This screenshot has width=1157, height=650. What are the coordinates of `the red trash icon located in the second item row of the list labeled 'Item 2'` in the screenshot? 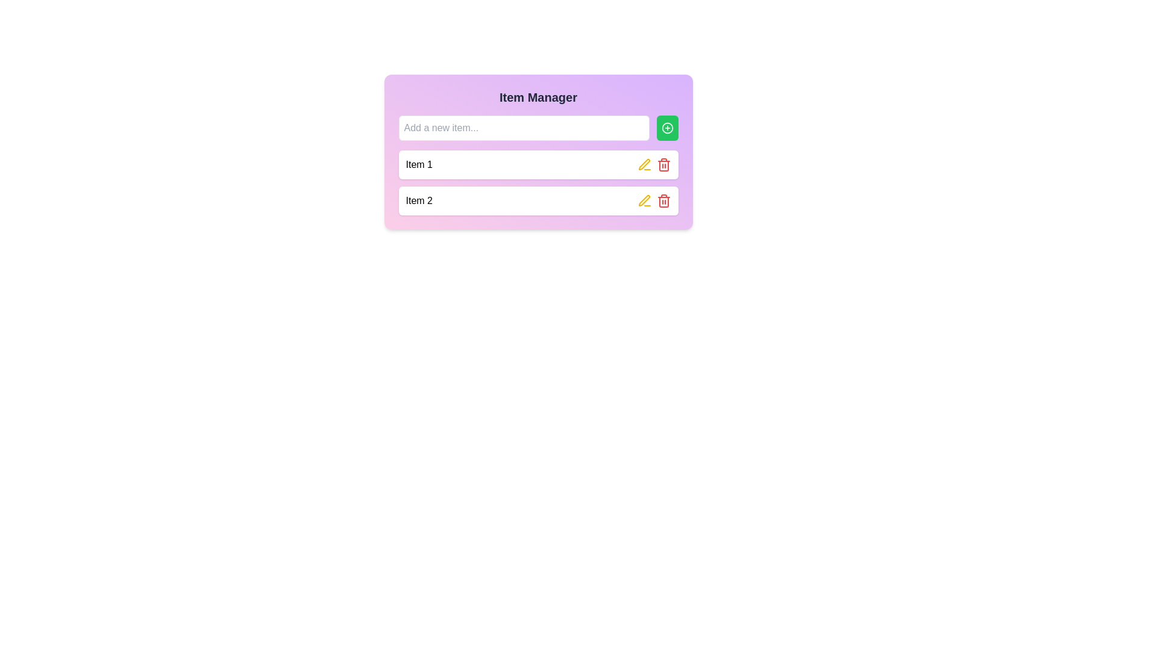 It's located at (663, 164).